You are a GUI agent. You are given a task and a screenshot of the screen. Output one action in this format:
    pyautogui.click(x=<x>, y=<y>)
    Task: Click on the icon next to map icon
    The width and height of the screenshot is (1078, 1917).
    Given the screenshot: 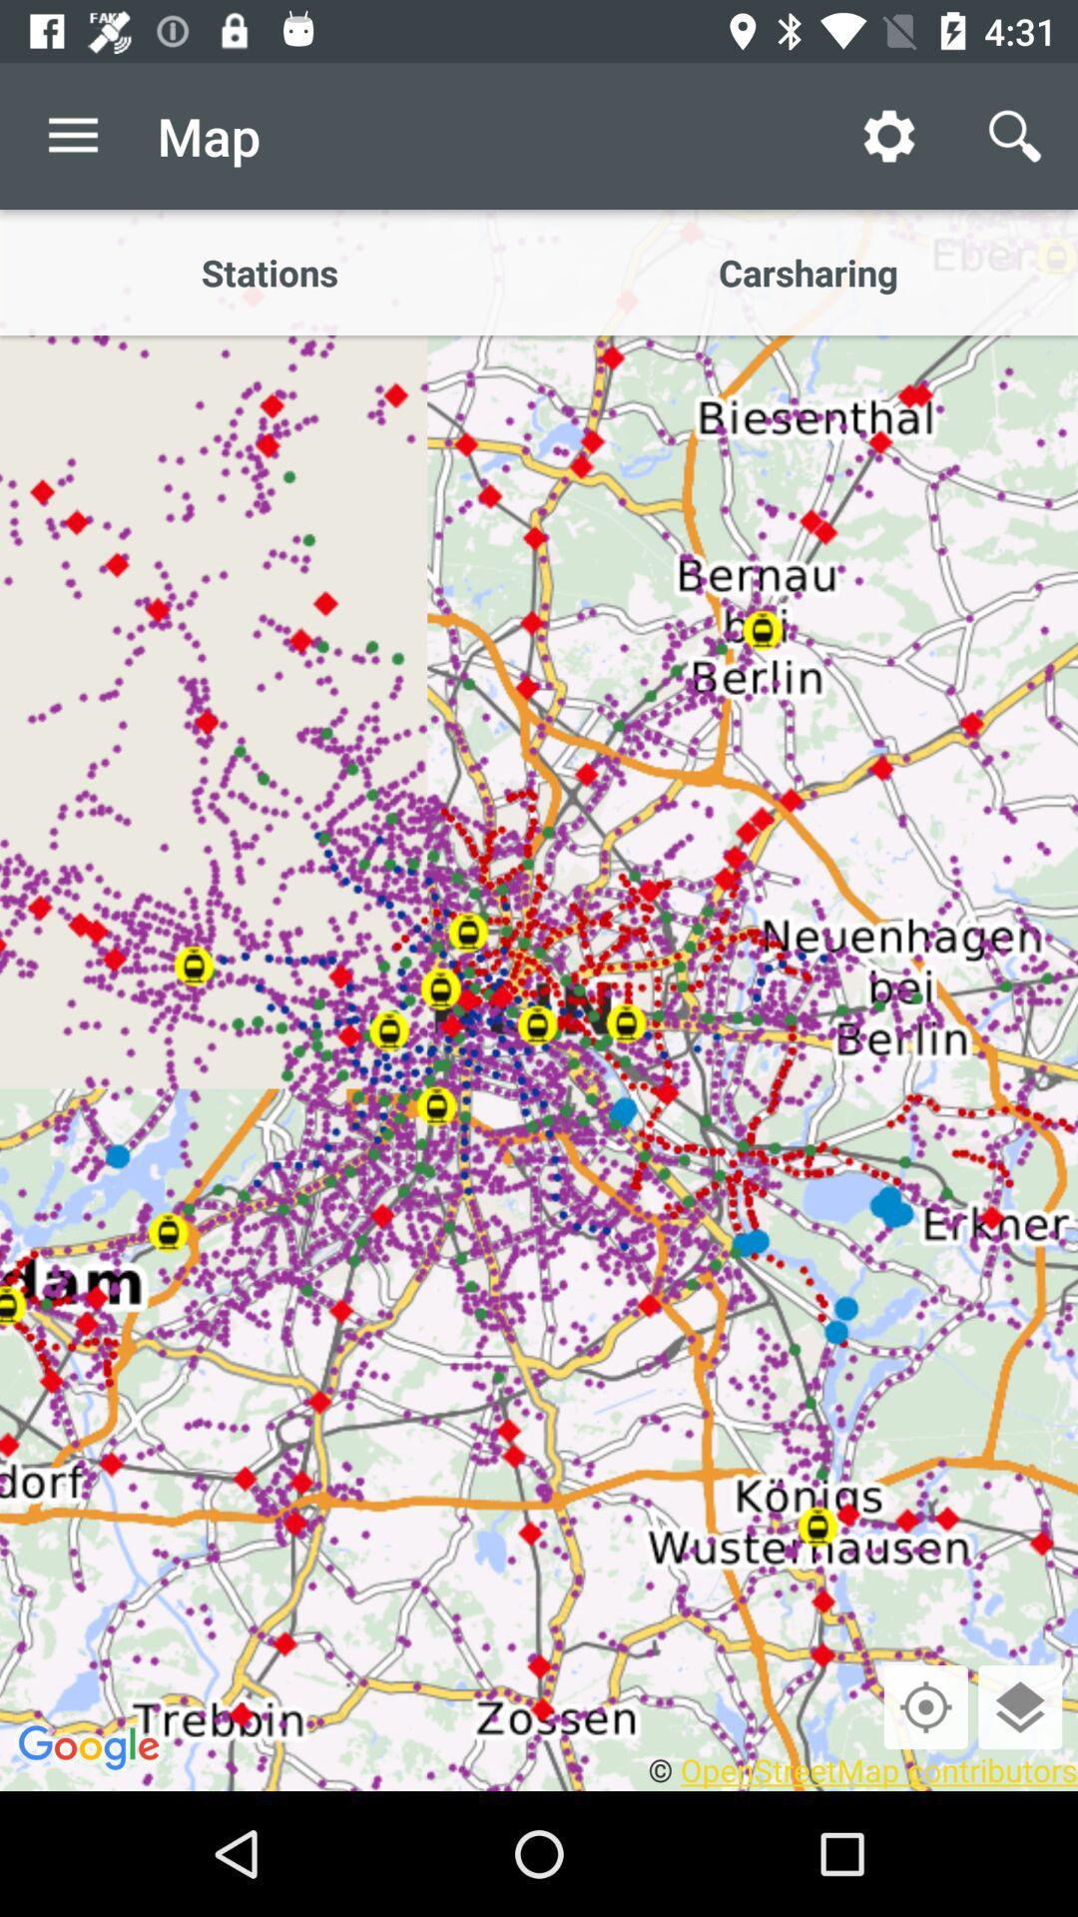 What is the action you would take?
    pyautogui.click(x=72, y=135)
    